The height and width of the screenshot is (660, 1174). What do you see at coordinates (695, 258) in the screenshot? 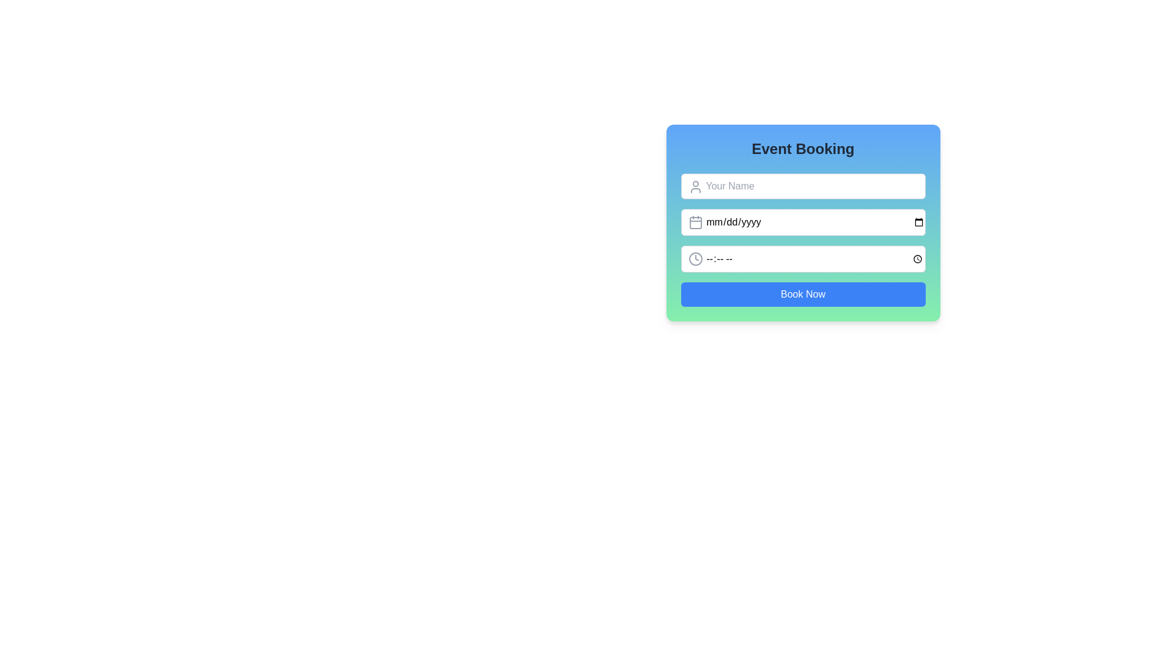
I see `the clock icon located on the left side of the time input field, serving as a visual indicator for time-related input` at bounding box center [695, 258].